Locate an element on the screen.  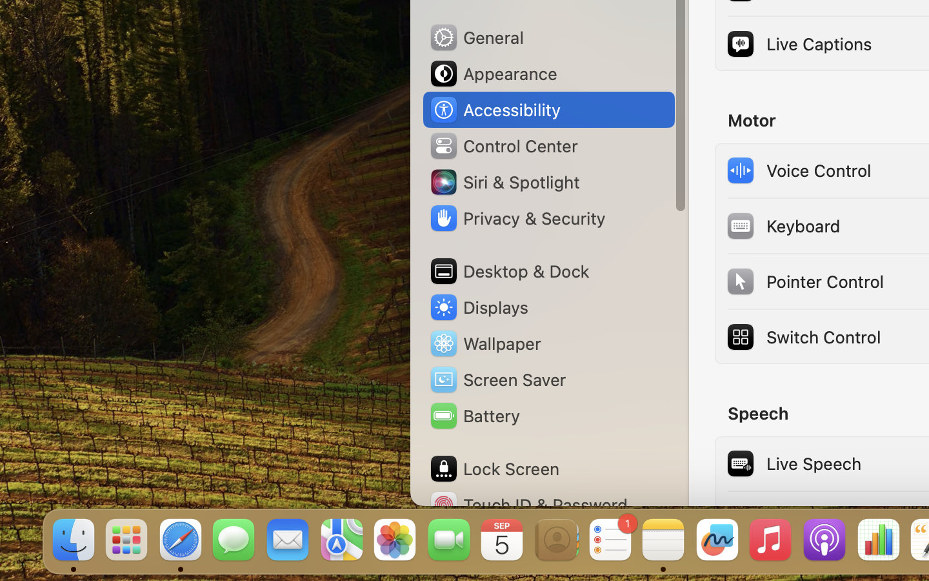
'Accessibility' is located at coordinates (494, 110).